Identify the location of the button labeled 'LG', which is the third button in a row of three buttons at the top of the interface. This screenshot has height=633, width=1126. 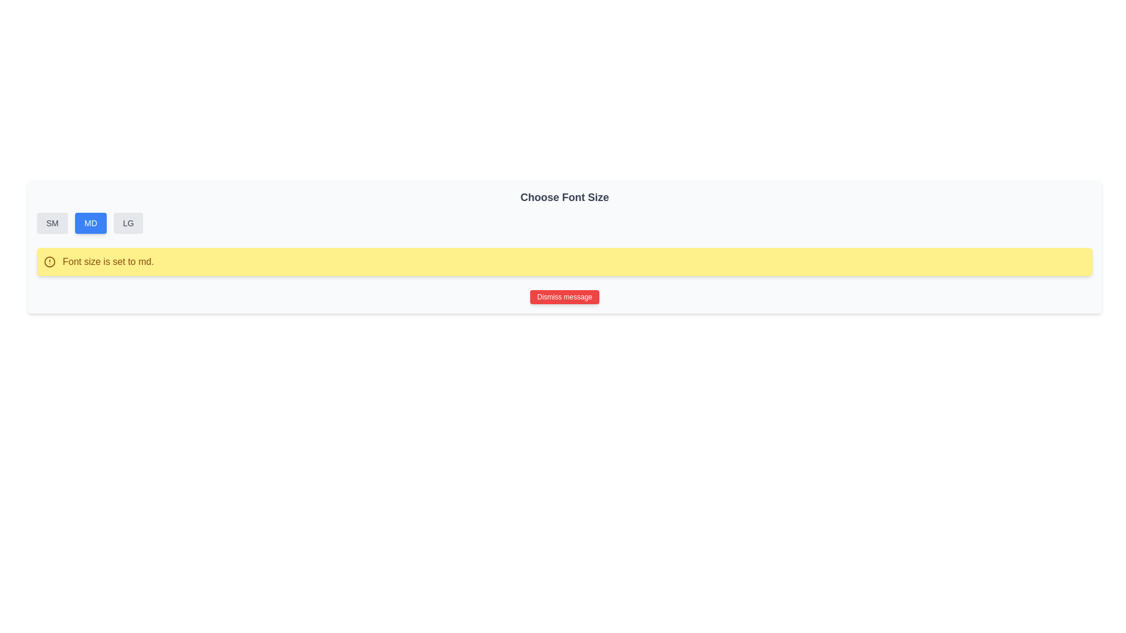
(128, 223).